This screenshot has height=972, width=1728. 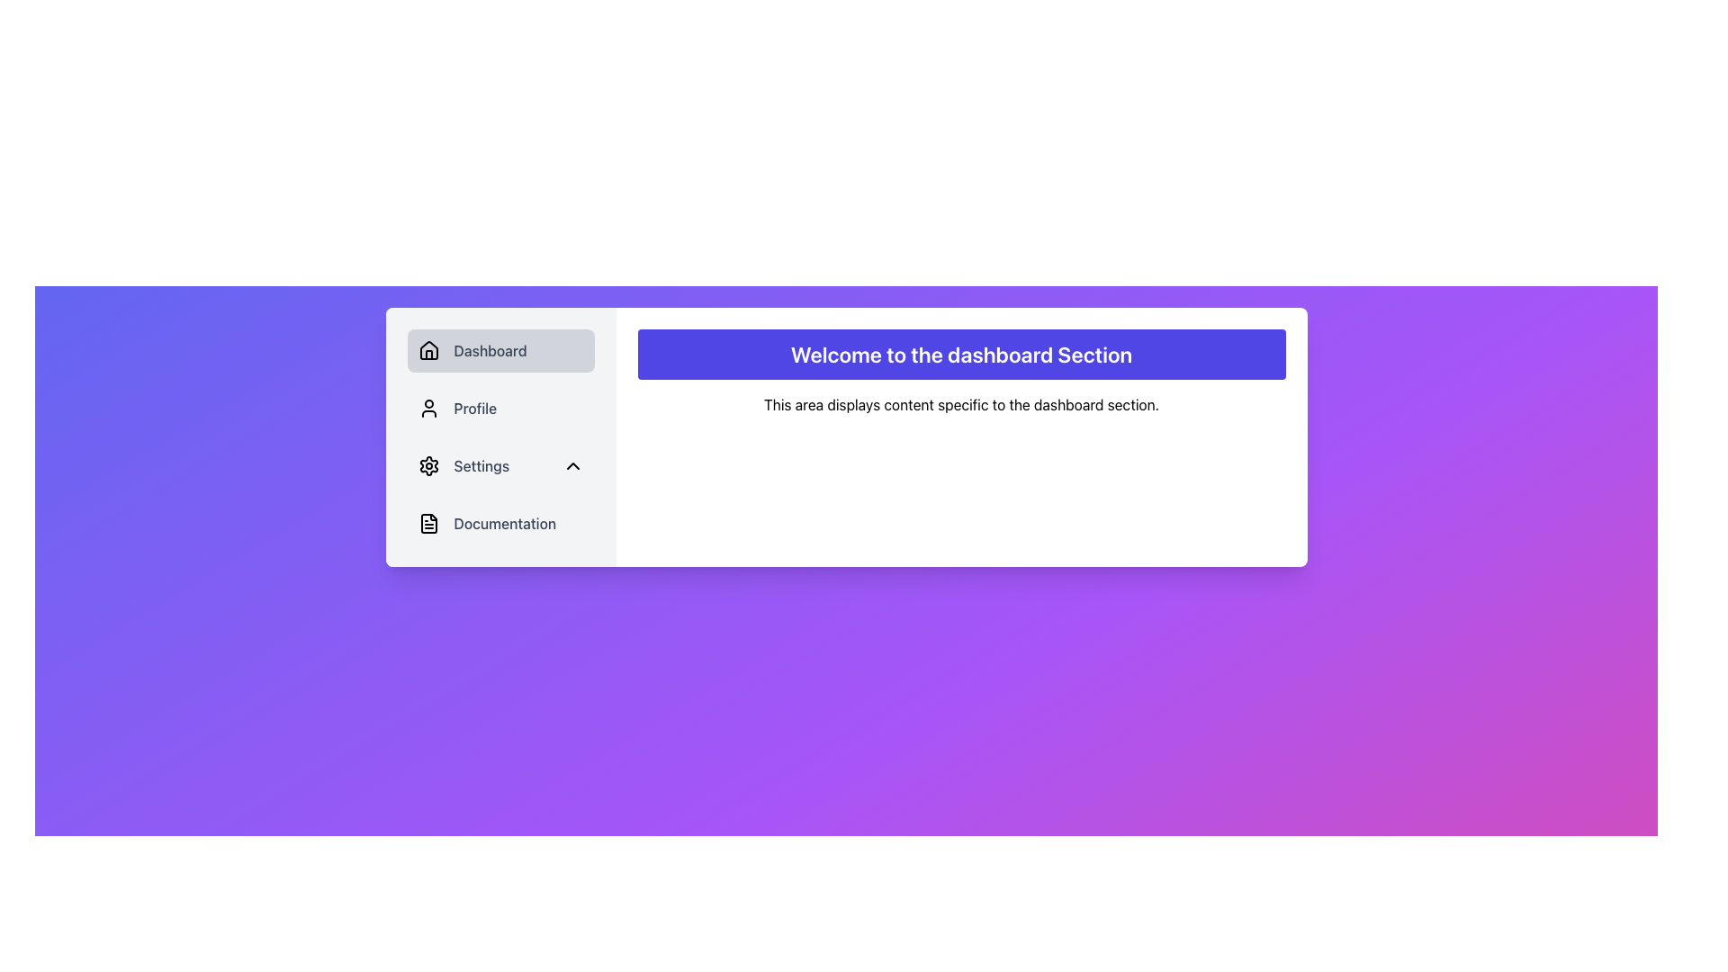 What do you see at coordinates (427, 350) in the screenshot?
I see `the house-shaped icon located to the left of the 'Dashboard' text in the navigation menu` at bounding box center [427, 350].